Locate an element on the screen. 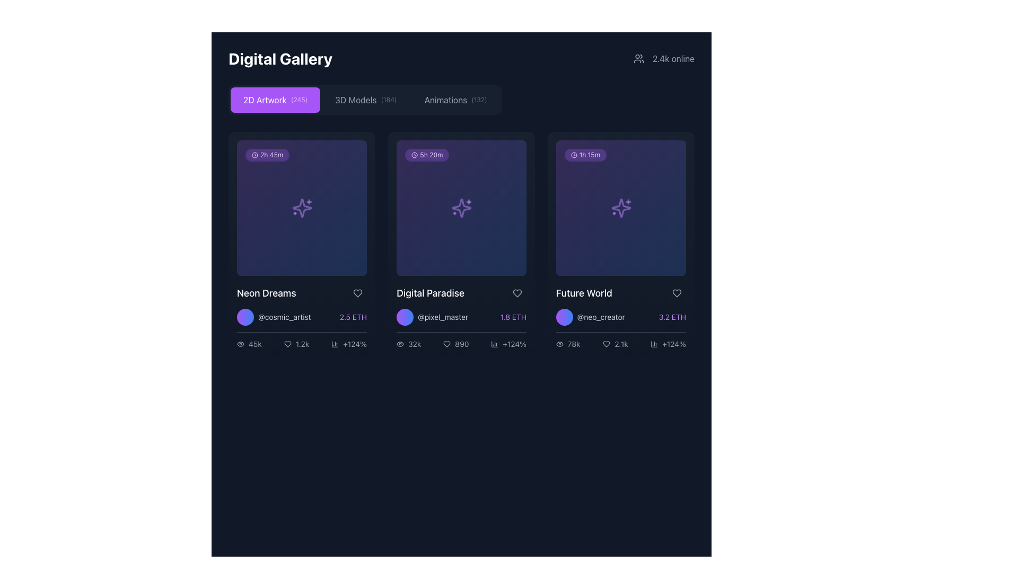 This screenshot has height=572, width=1018. the '3D Models' button is located at coordinates (366, 100).